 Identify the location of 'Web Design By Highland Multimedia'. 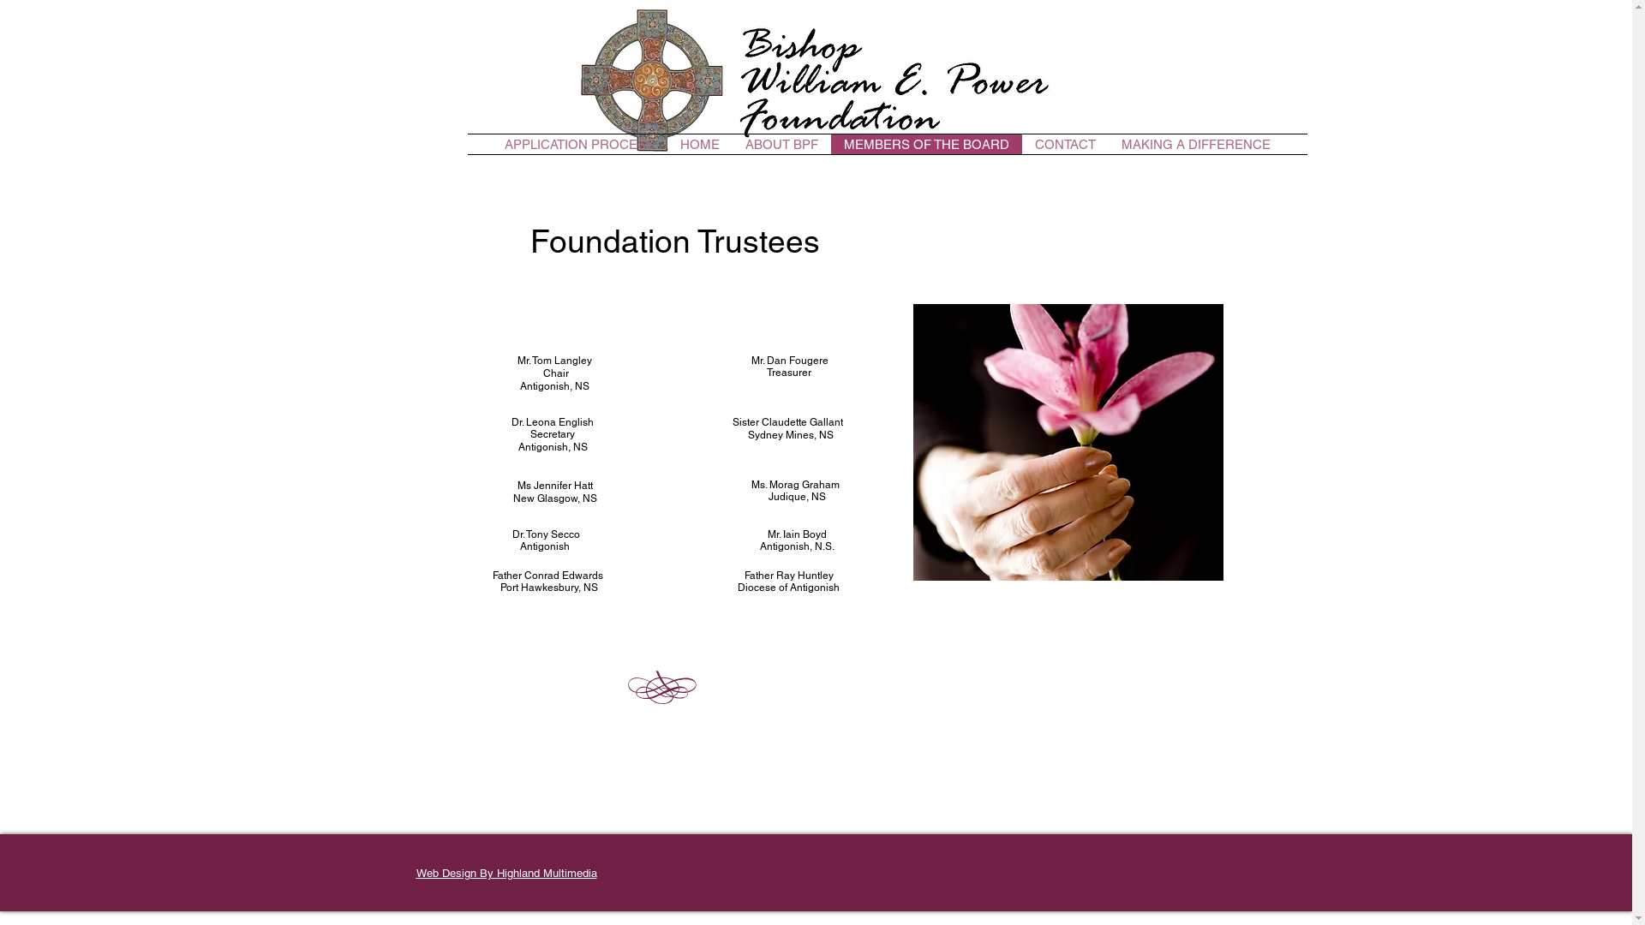
(505, 873).